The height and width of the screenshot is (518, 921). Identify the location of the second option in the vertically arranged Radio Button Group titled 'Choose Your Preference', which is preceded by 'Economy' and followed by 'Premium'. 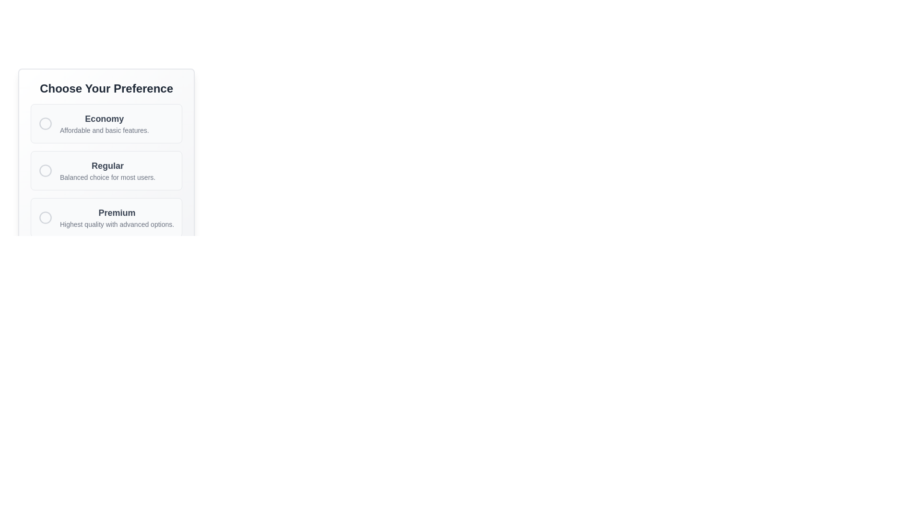
(106, 170).